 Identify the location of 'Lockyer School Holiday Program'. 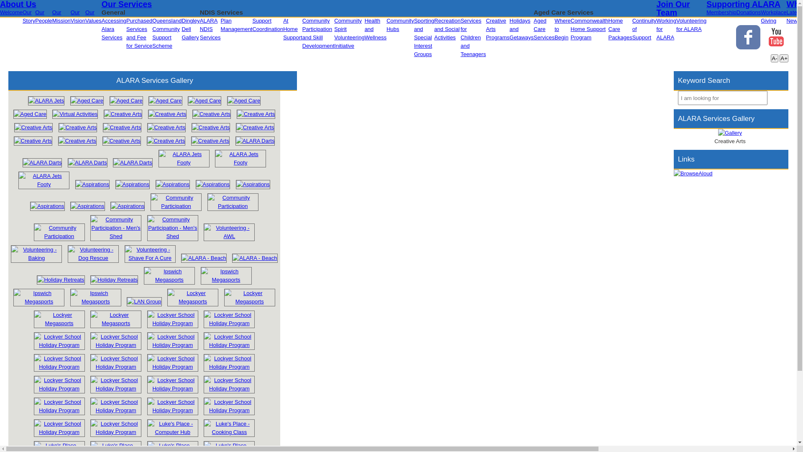
(59, 362).